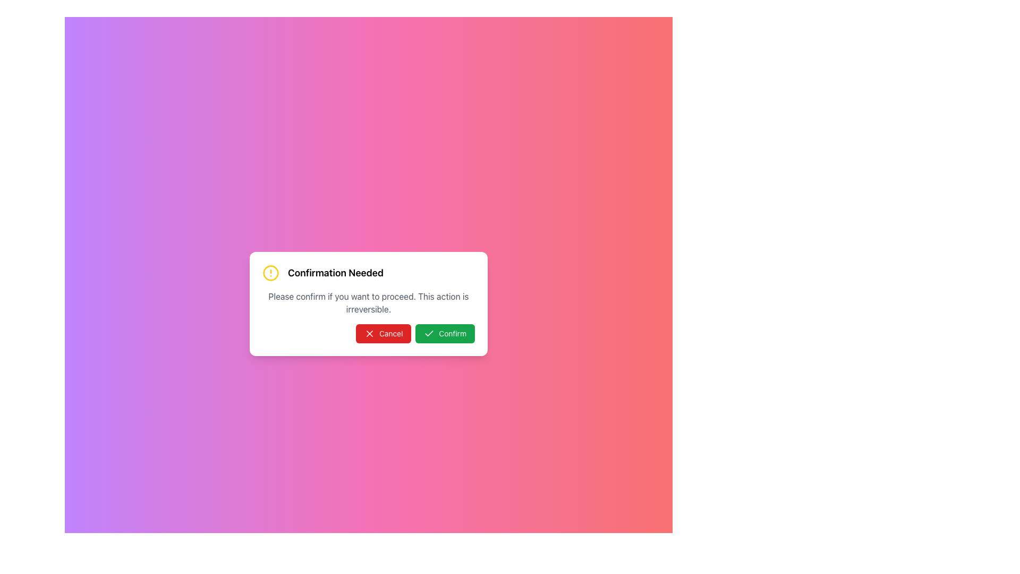  Describe the element at coordinates (429, 333) in the screenshot. I see `the decorative icon within the 'Confirm' button located at the bottom-right of the dialog box to indicate a positive action or approval` at that location.